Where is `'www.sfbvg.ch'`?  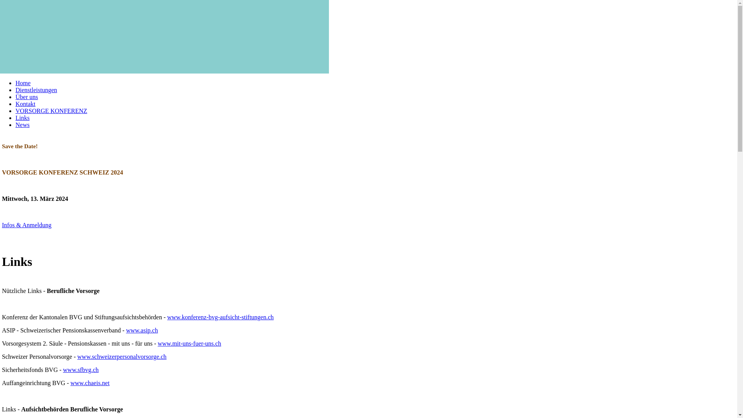
'www.sfbvg.ch' is located at coordinates (81, 369).